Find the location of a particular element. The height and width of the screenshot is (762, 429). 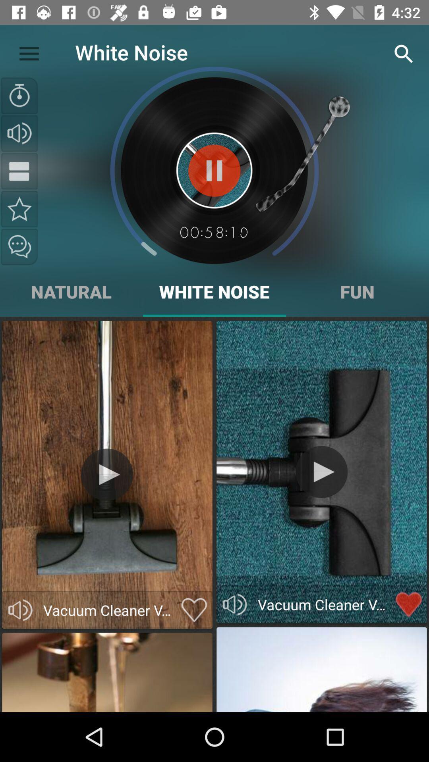

app next to white noise app is located at coordinates (29, 52).